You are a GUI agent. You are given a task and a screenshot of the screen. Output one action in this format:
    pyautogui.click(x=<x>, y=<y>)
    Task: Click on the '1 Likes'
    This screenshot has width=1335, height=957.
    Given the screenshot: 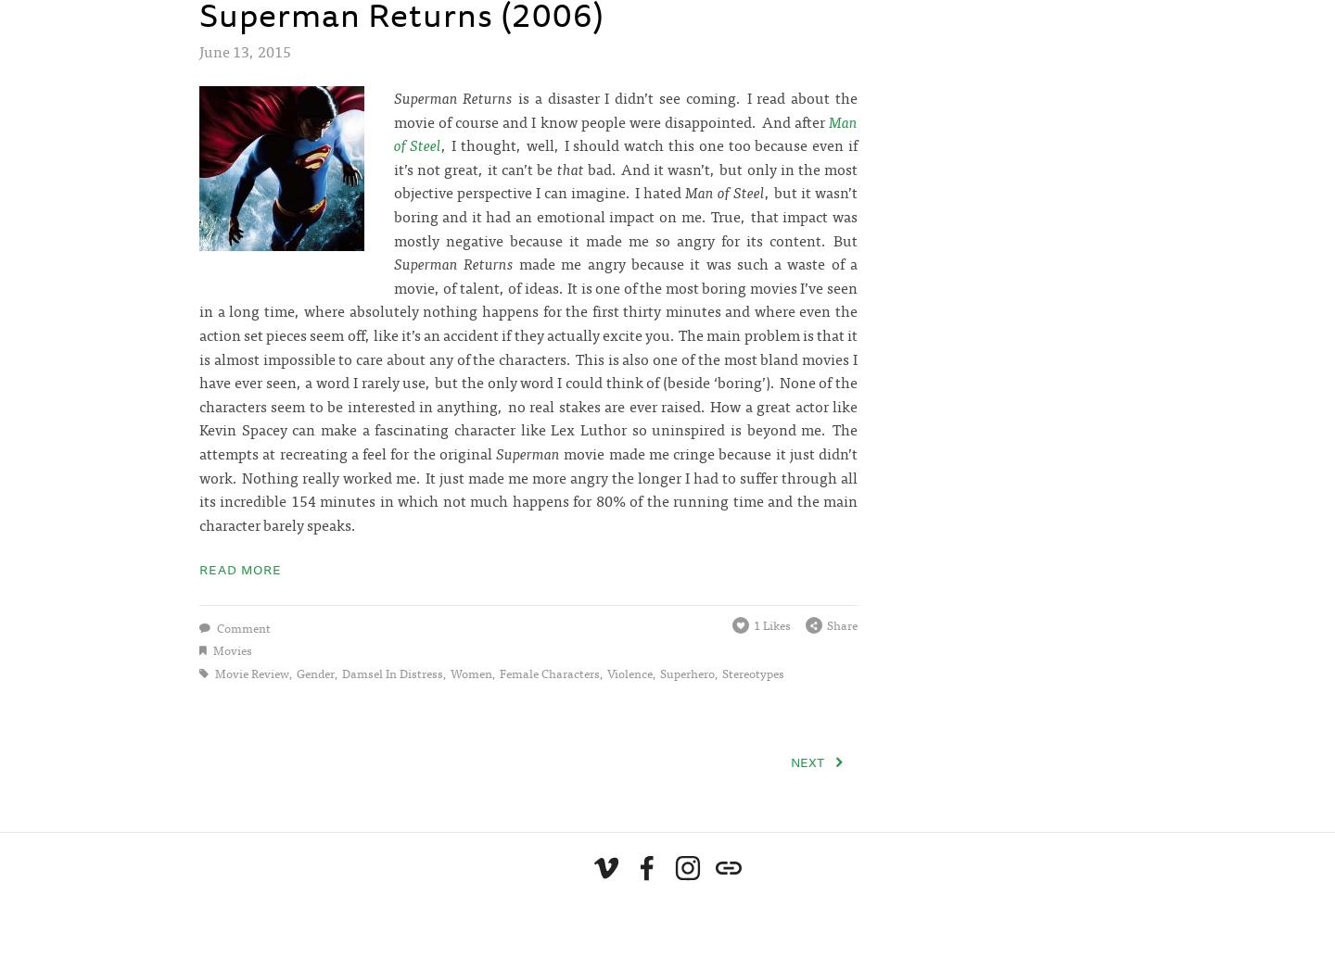 What is the action you would take?
    pyautogui.click(x=772, y=623)
    